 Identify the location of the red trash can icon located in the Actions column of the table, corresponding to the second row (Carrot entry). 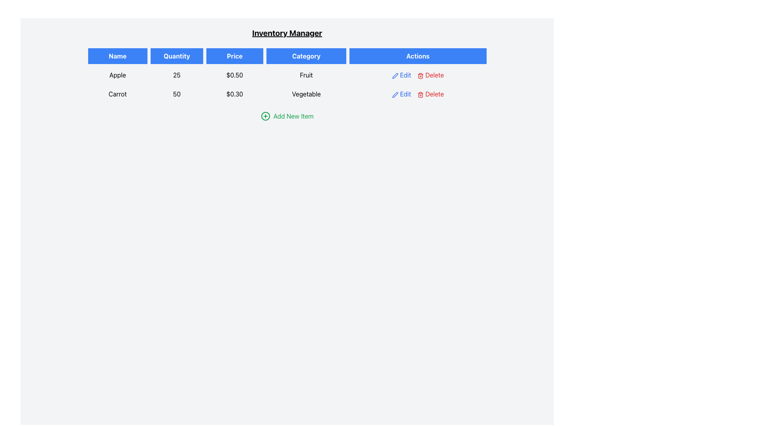
(420, 76).